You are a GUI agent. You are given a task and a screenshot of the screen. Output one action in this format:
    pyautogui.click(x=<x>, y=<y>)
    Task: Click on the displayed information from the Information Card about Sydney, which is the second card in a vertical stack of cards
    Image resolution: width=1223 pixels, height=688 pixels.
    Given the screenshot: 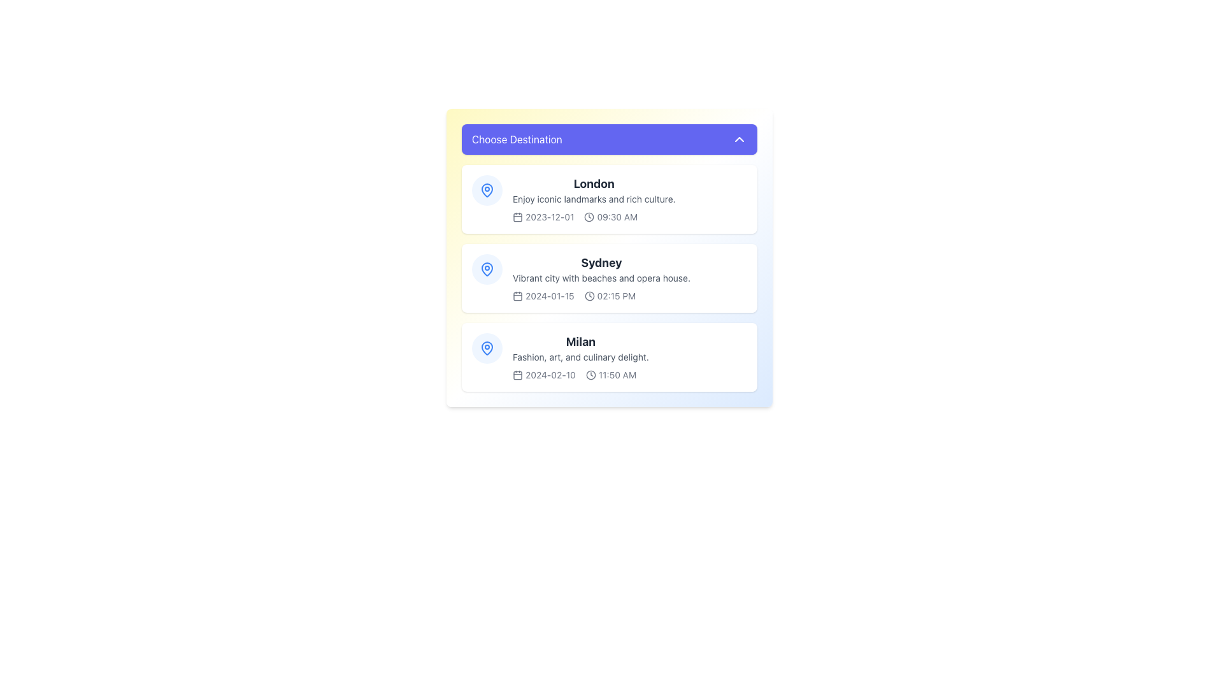 What is the action you would take?
    pyautogui.click(x=608, y=258)
    